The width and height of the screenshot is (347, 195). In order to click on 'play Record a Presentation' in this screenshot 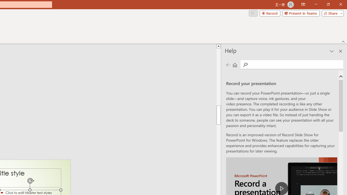, I will do `click(281, 188)`.